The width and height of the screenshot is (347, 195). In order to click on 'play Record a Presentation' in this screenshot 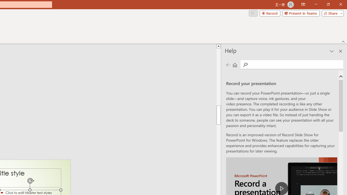, I will do `click(281, 188)`.